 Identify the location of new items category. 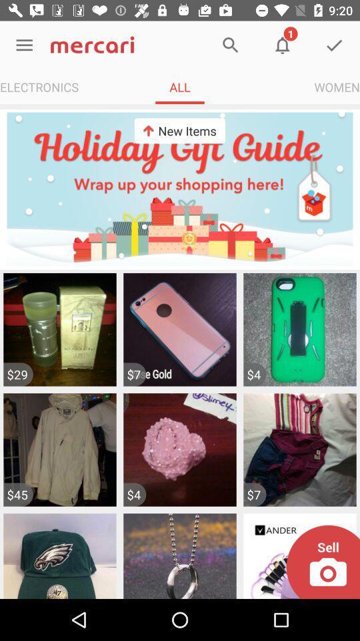
(180, 188).